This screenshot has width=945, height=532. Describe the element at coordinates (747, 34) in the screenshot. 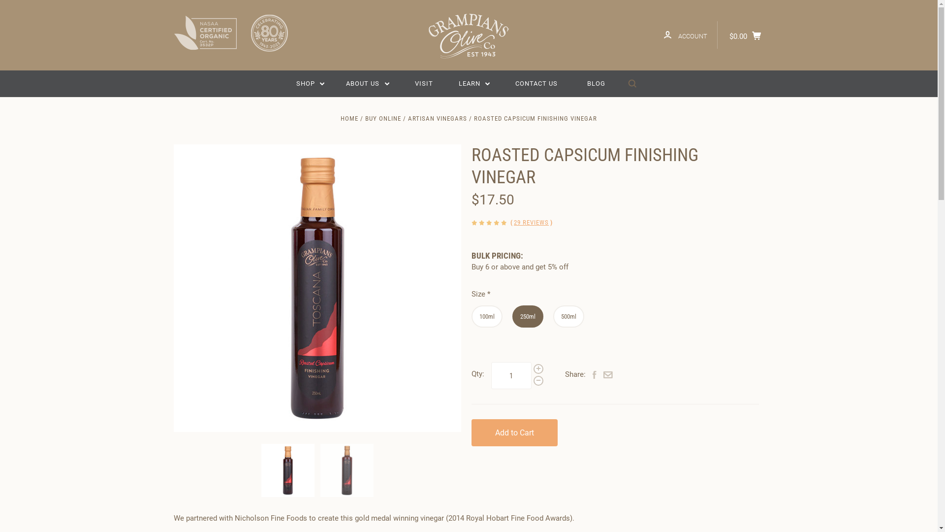

I see `'$0.00 cart'` at that location.